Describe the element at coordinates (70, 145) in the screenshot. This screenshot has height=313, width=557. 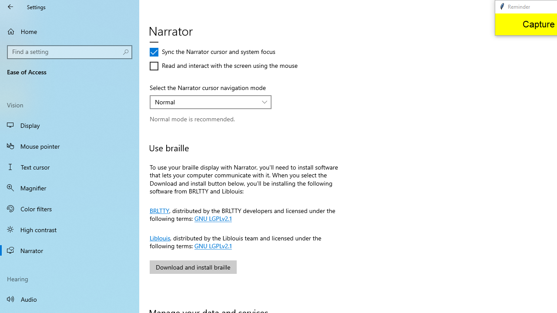
I see `'Mouse pointer'` at that location.